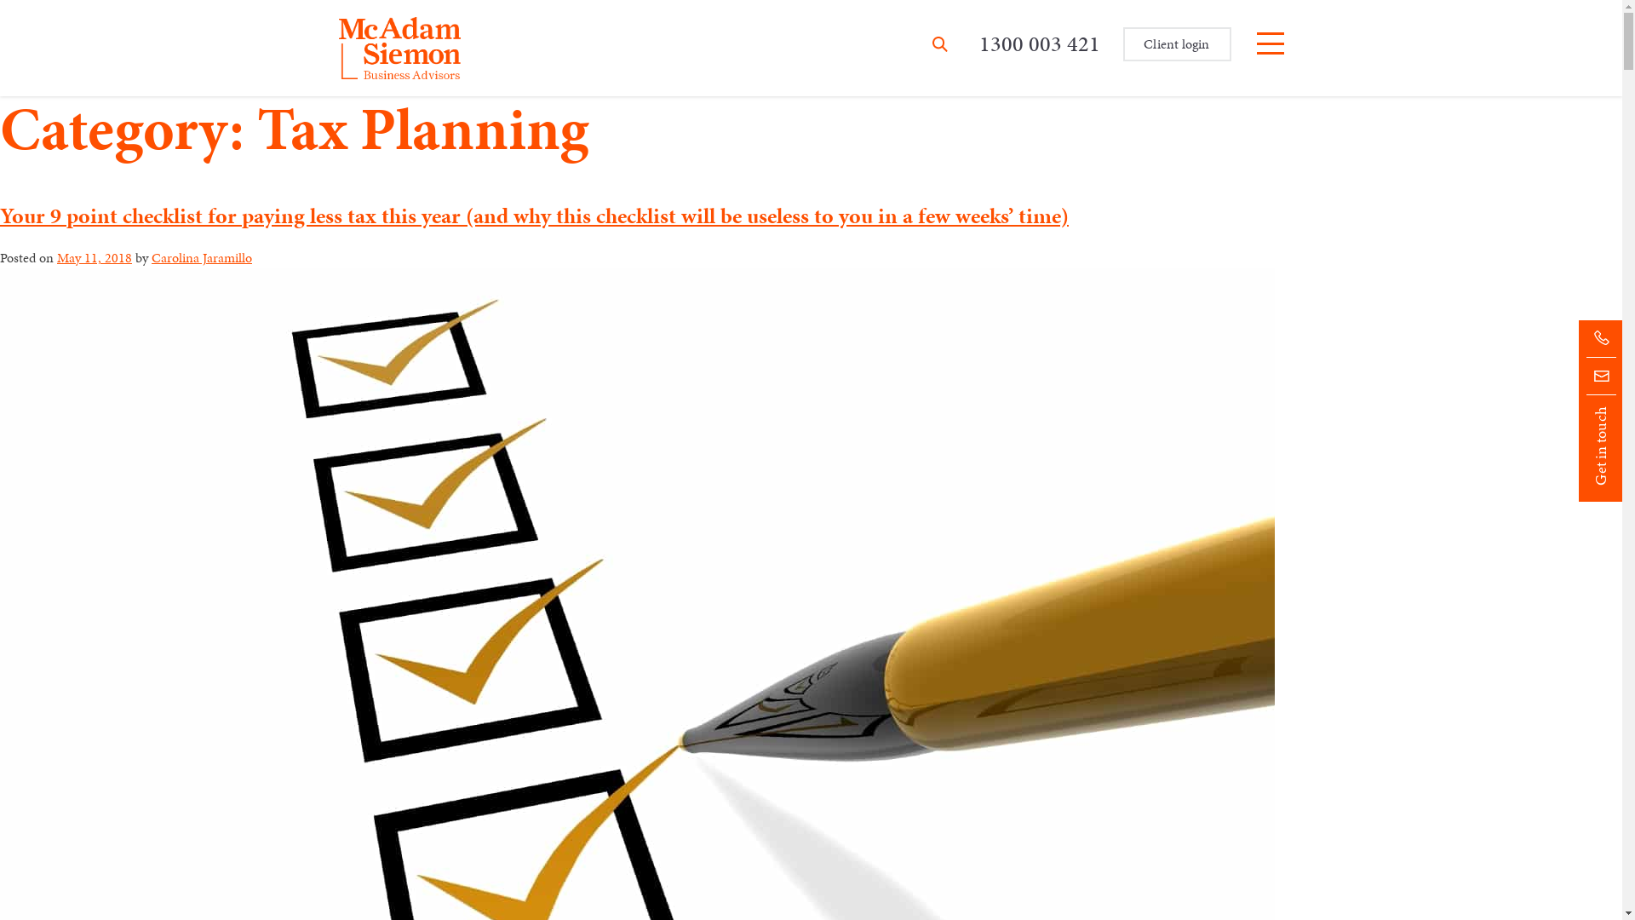  What do you see at coordinates (201, 257) in the screenshot?
I see `'Carolina Jaramillo'` at bounding box center [201, 257].